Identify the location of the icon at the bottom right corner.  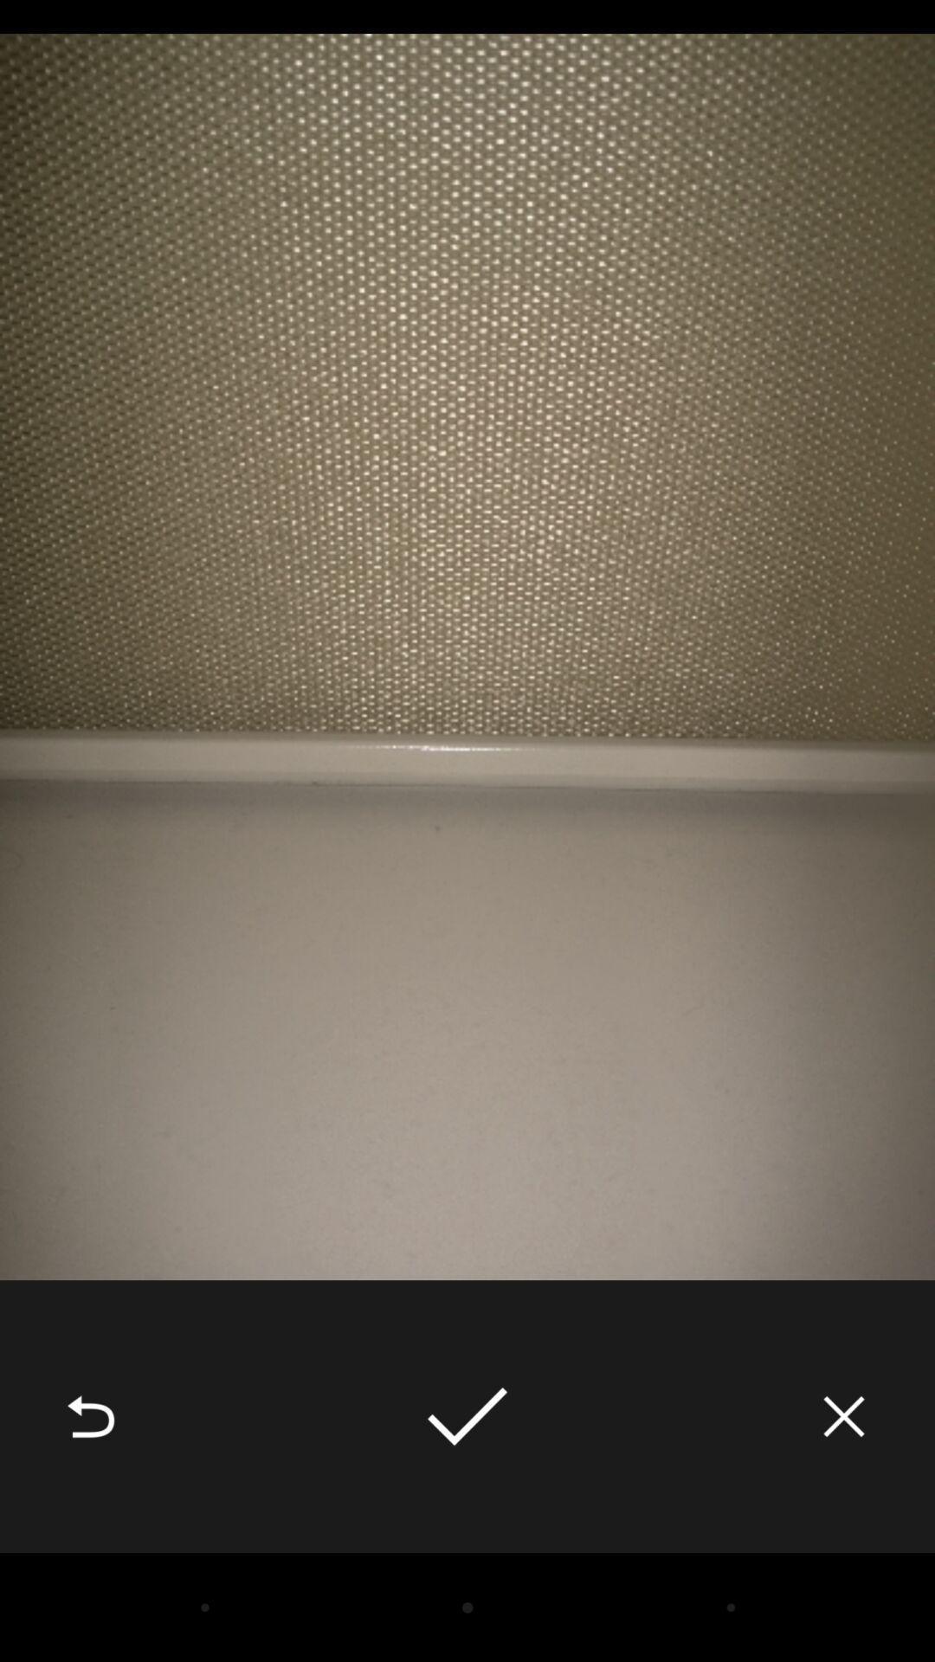
(843, 1416).